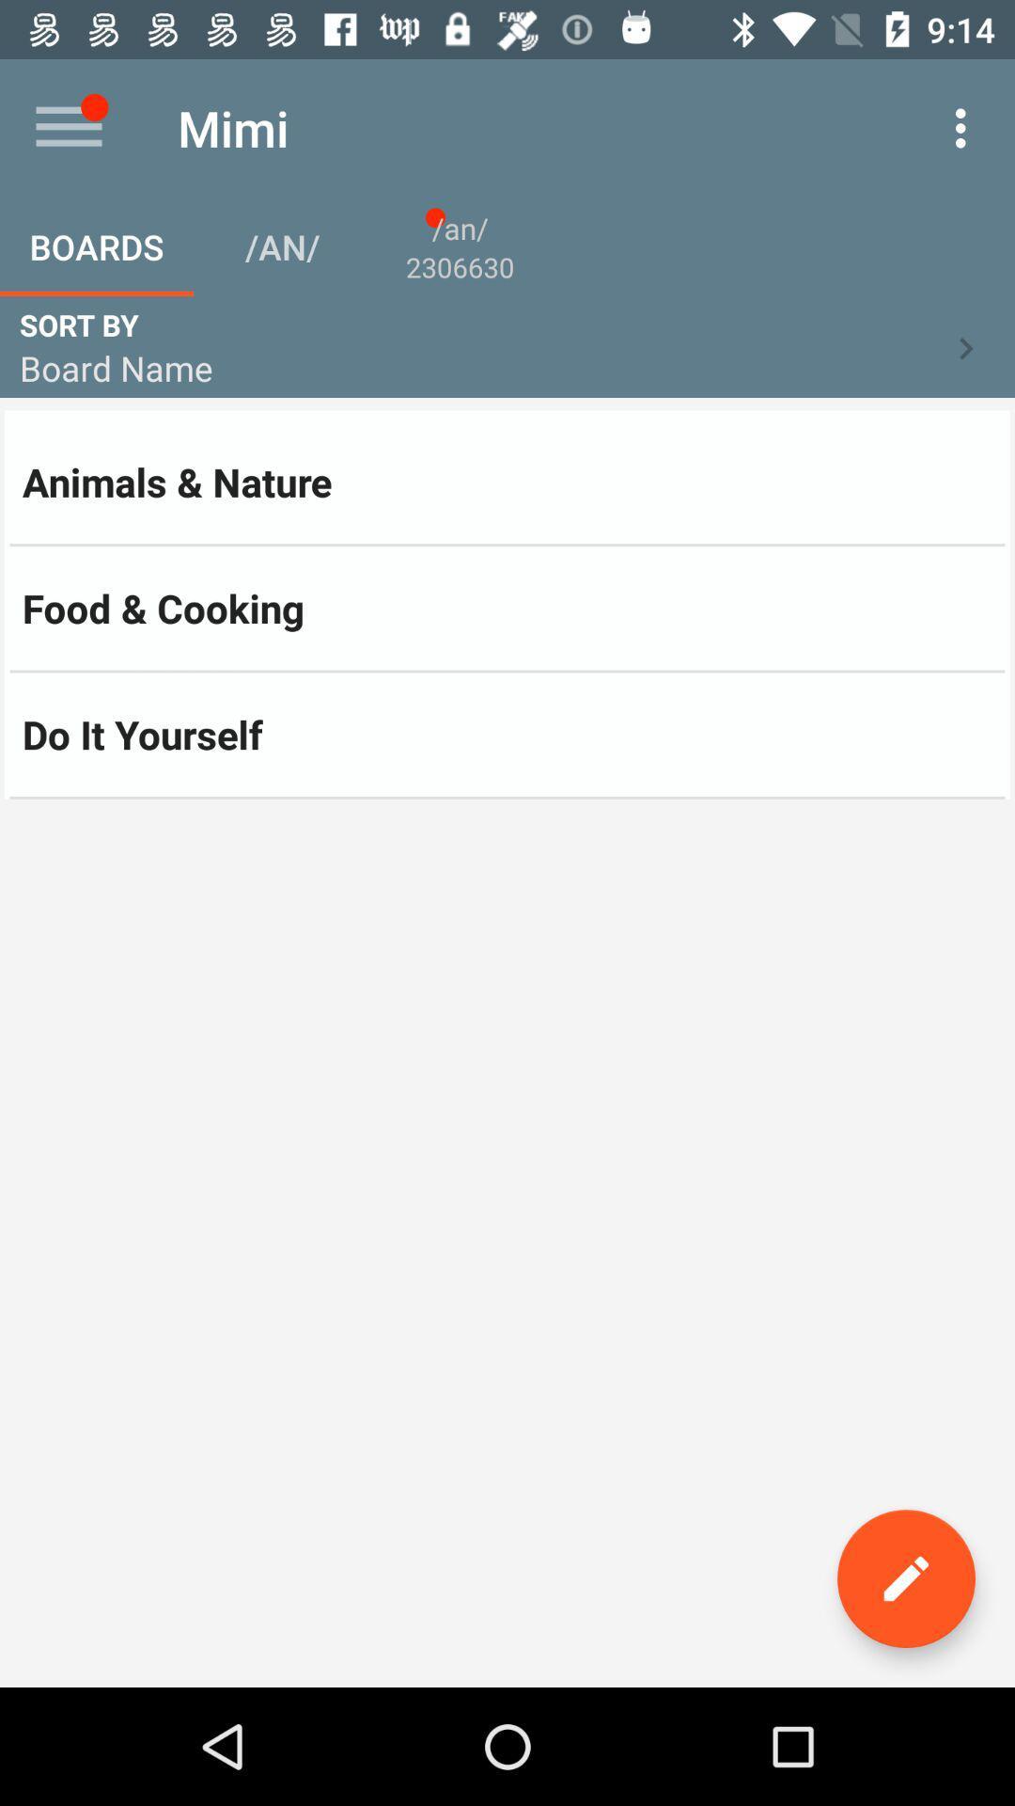 Image resolution: width=1015 pixels, height=1806 pixels. What do you see at coordinates (68, 127) in the screenshot?
I see `main menu option` at bounding box center [68, 127].